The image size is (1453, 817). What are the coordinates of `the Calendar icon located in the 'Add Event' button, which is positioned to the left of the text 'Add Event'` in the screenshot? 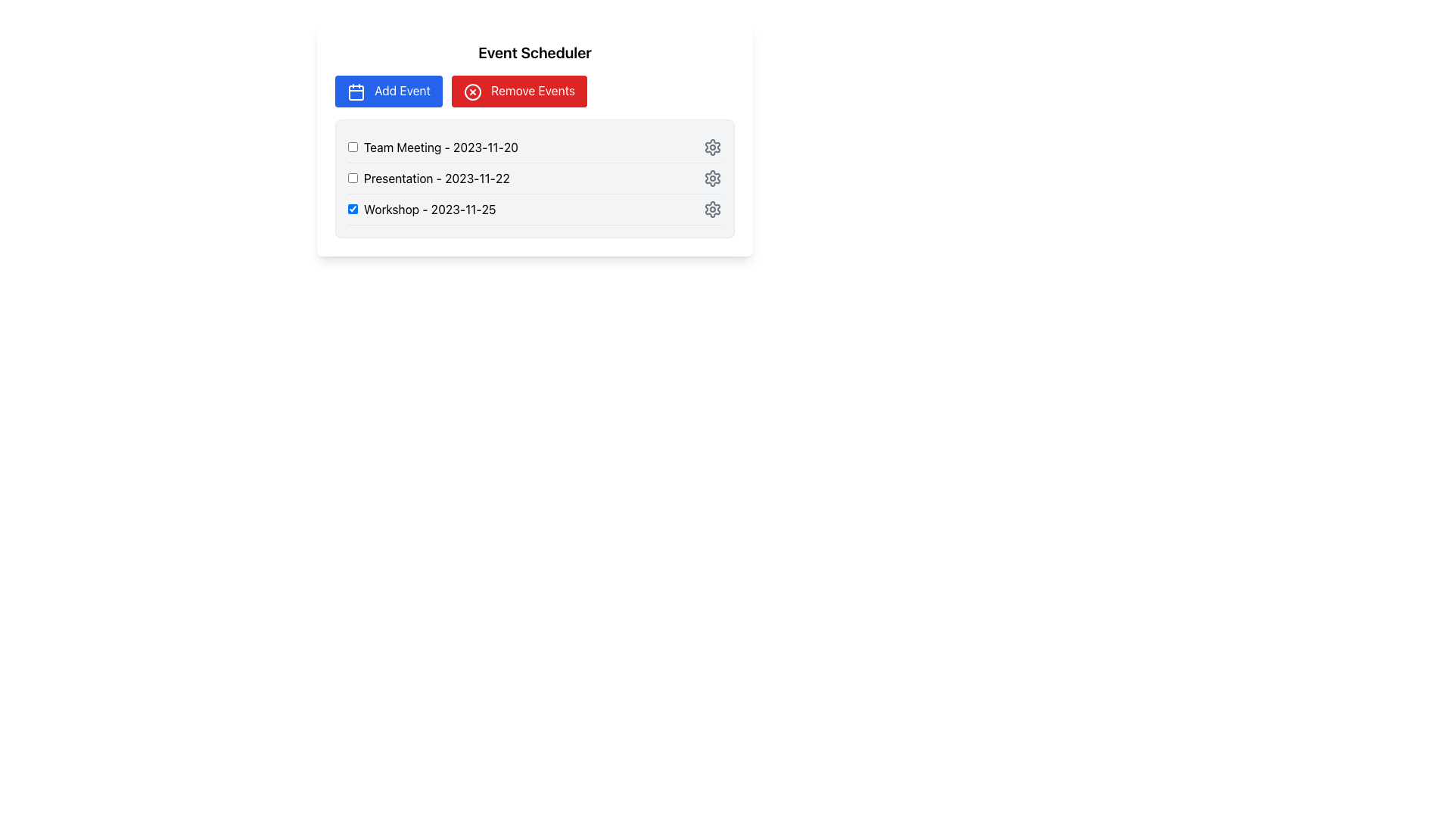 It's located at (355, 91).